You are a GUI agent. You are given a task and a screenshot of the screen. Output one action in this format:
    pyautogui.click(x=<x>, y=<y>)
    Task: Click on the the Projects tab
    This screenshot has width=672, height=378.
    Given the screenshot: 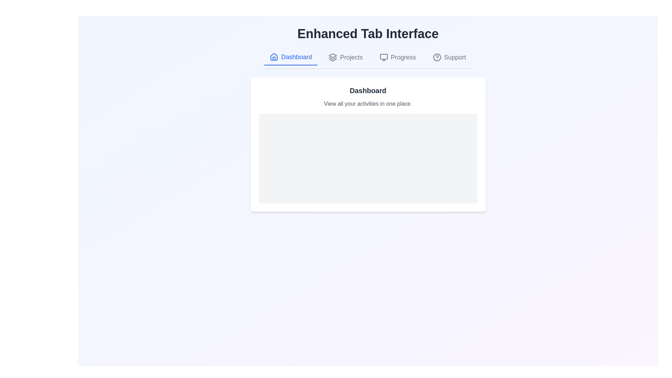 What is the action you would take?
    pyautogui.click(x=345, y=57)
    